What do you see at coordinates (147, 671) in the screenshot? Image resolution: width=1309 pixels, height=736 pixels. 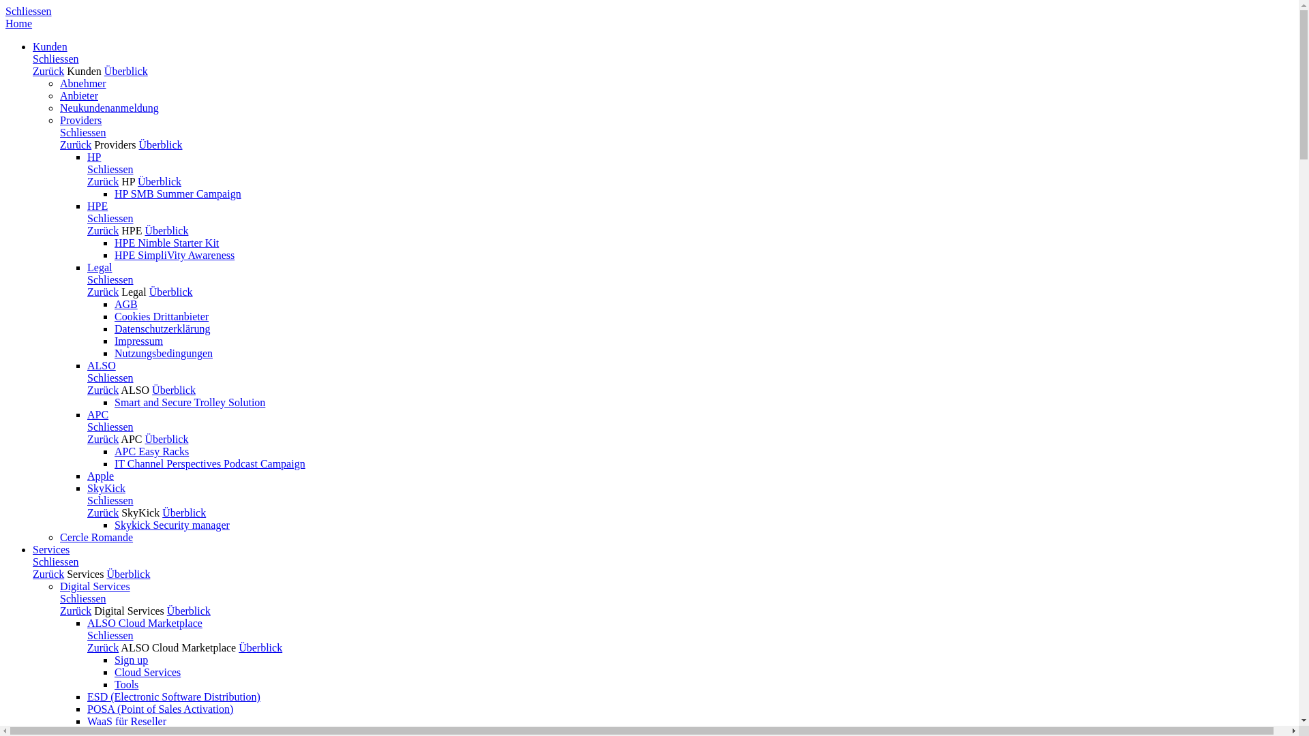 I see `'Cloud Services'` at bounding box center [147, 671].